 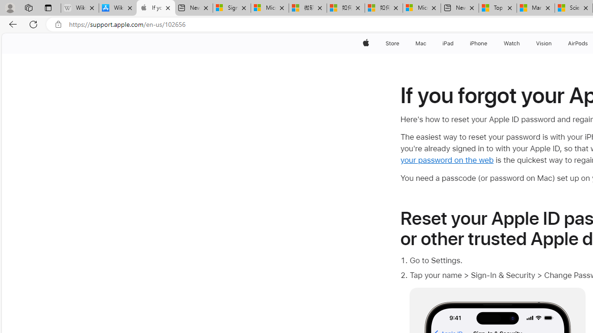 I want to click on 'Vision', so click(x=544, y=43).